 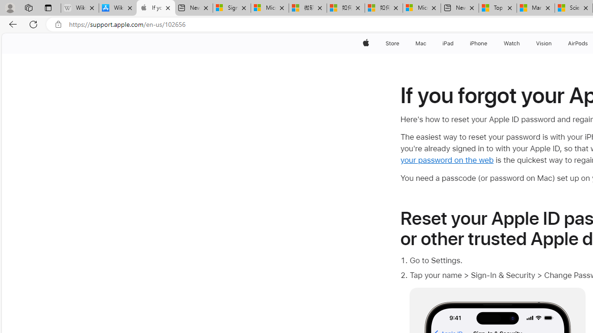 I want to click on 'Vision', so click(x=544, y=43).